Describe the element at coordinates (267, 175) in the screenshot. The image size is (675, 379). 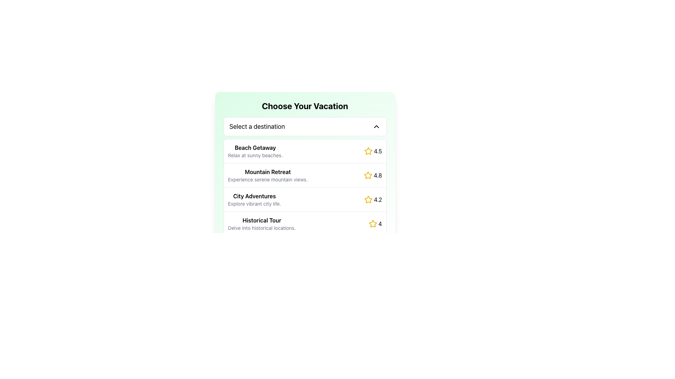
I see `to select the second entry in the 'Choose Your Vacation' list, which describes a travel destination between 'Beach Getaway' and 'City Adventures'` at that location.